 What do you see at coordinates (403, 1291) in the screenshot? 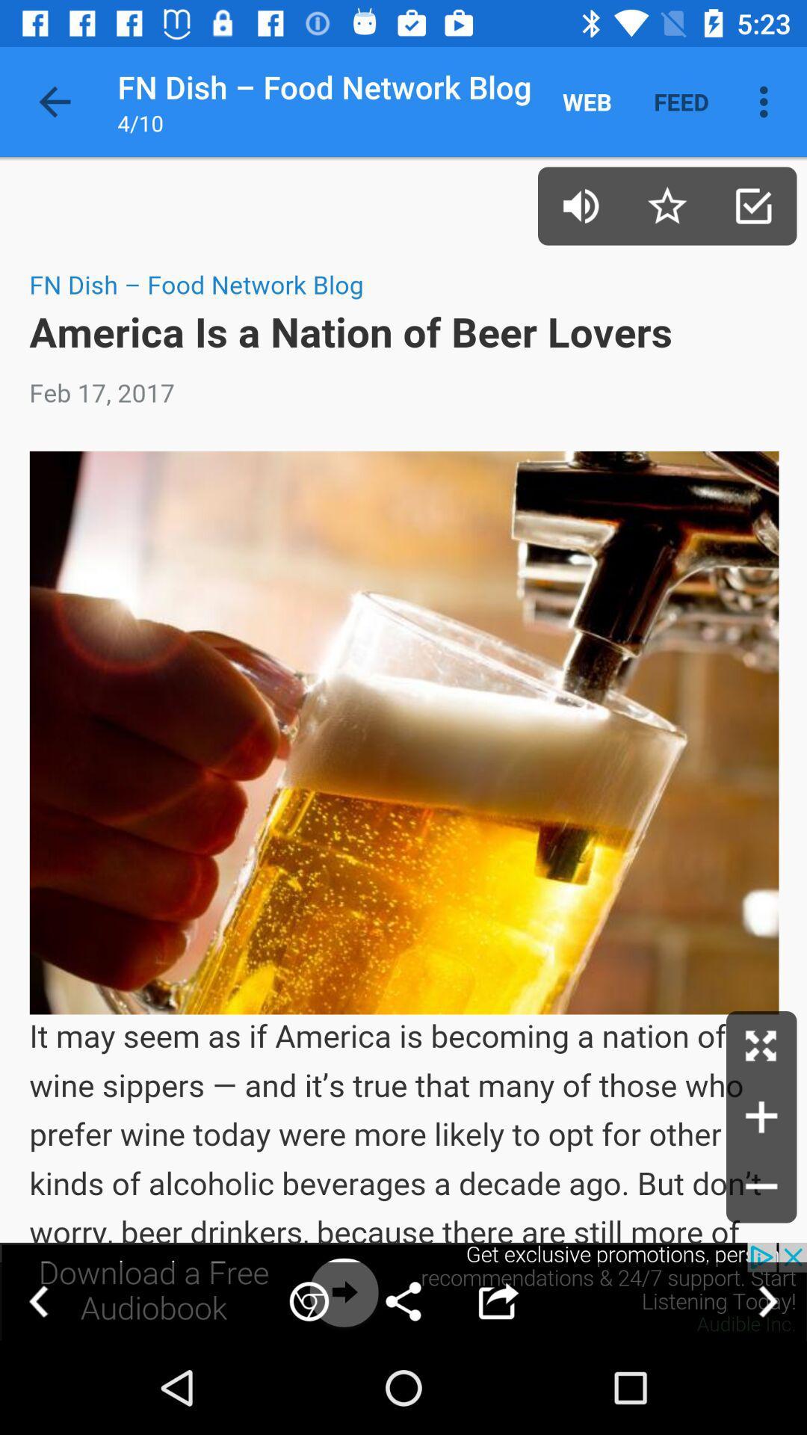
I see `share the article` at bounding box center [403, 1291].